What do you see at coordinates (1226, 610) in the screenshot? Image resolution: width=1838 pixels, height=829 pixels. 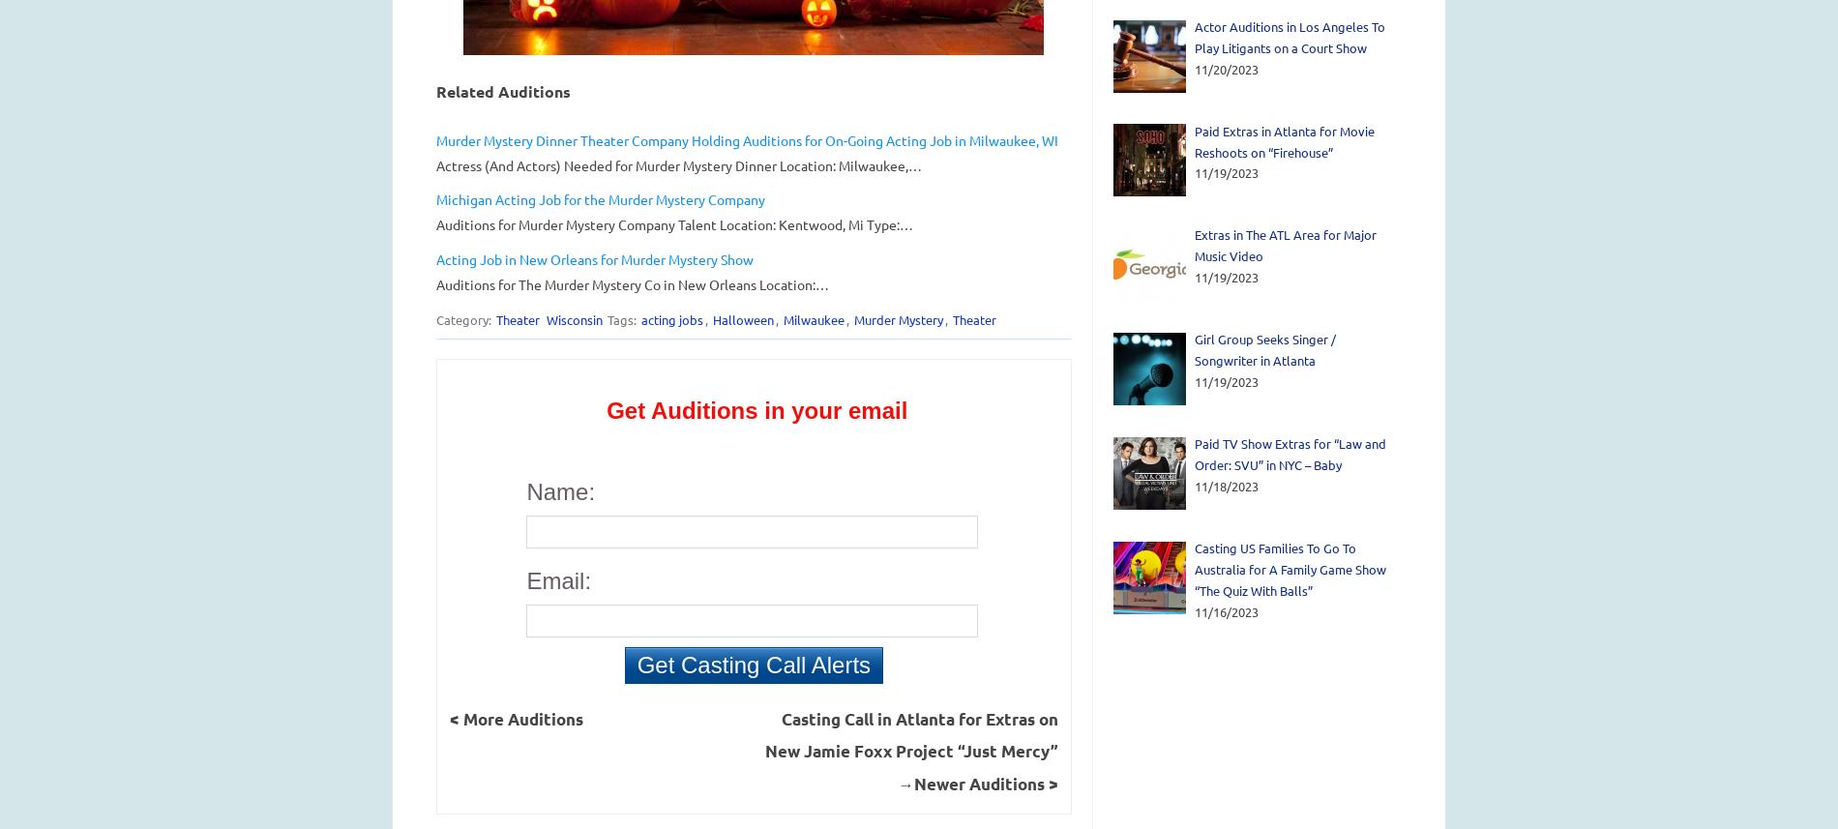 I see `'11/16/2023'` at bounding box center [1226, 610].